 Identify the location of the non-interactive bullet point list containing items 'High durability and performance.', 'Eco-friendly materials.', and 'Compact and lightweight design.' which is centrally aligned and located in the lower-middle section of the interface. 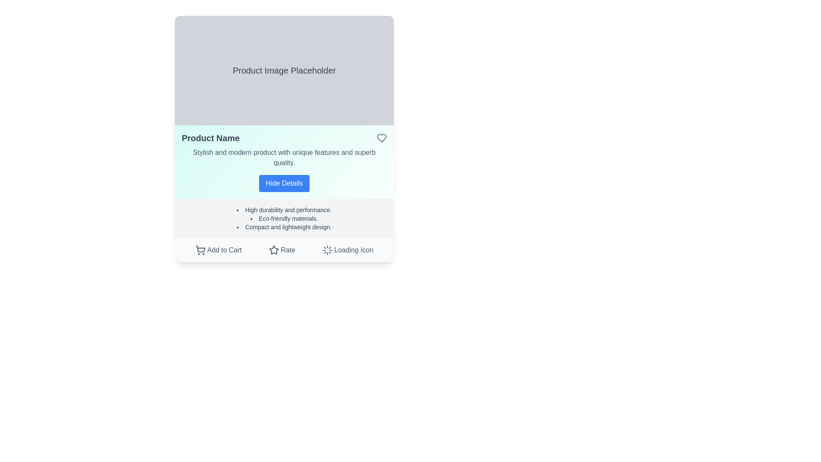
(284, 218).